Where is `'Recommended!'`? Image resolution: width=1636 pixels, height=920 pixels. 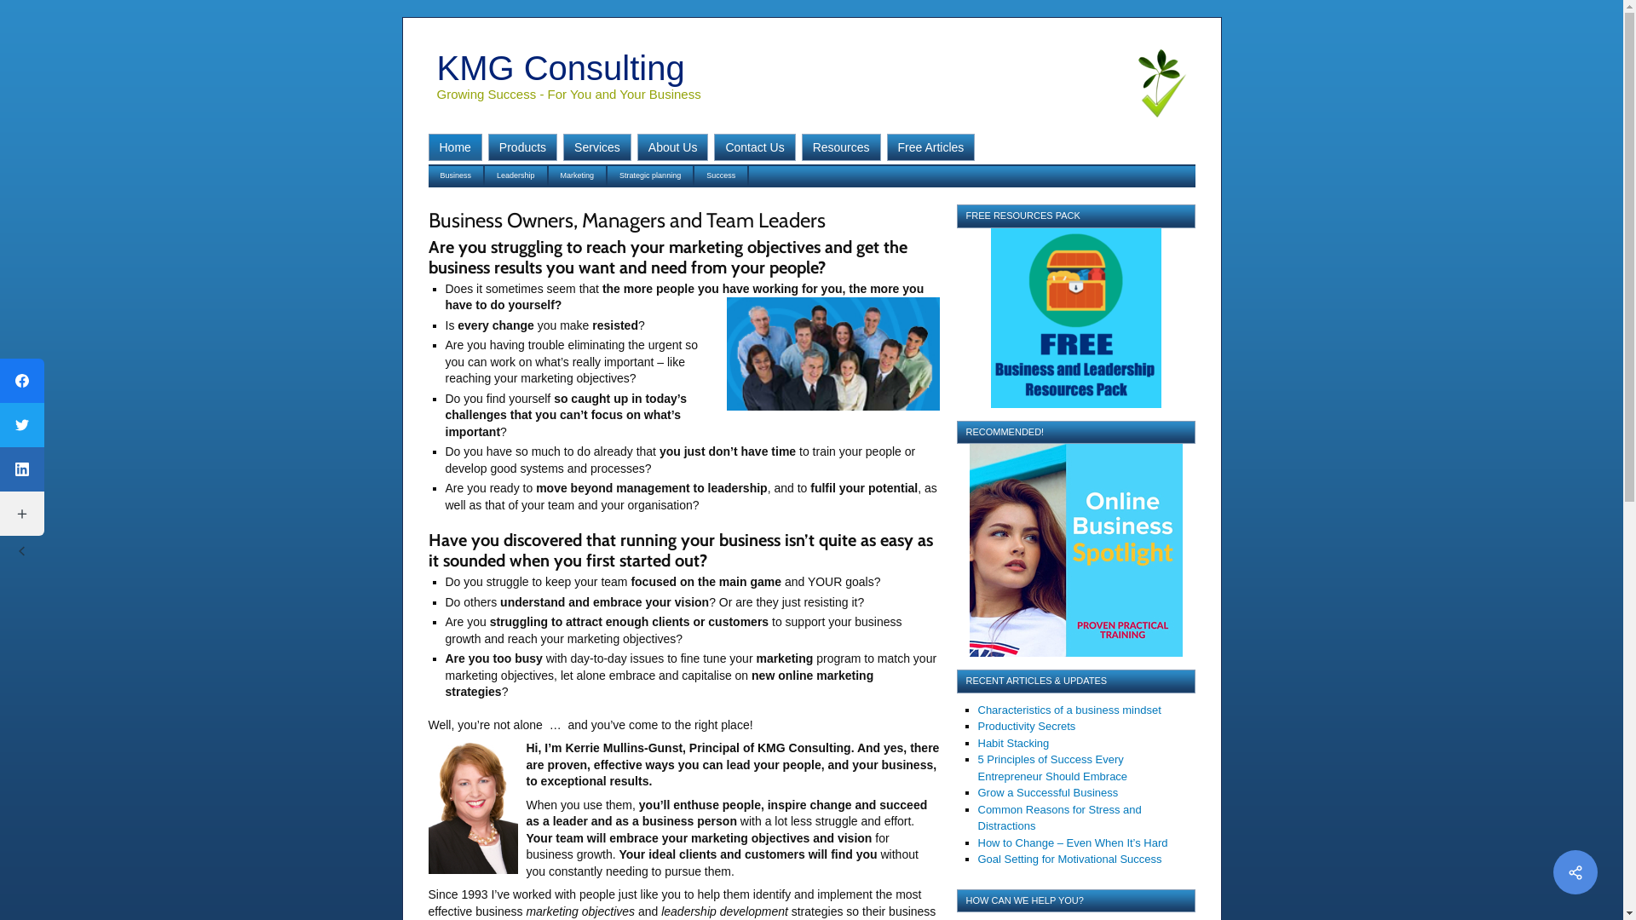 'Recommended!' is located at coordinates (1074, 549).